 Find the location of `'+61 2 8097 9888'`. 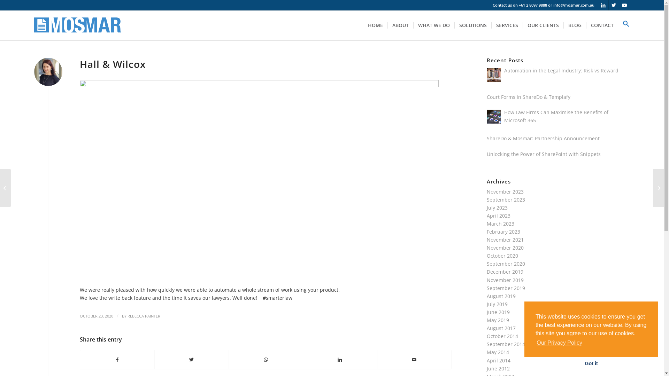

'+61 2 8097 9888' is located at coordinates (518, 5).